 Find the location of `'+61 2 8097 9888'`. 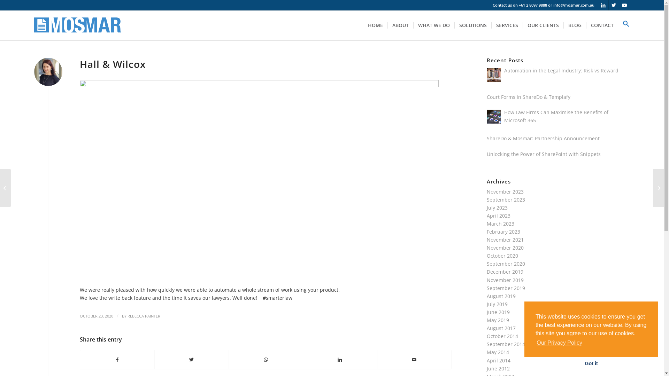

'+61 2 8097 9888' is located at coordinates (518, 5).